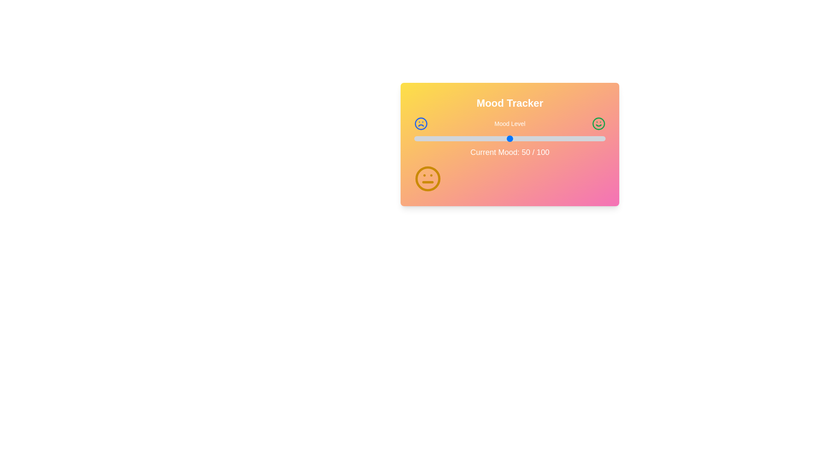 This screenshot has width=820, height=461. Describe the element at coordinates (458, 138) in the screenshot. I see `the mood level slider to 23 where mood_level is a percentage between 0 and 100` at that location.